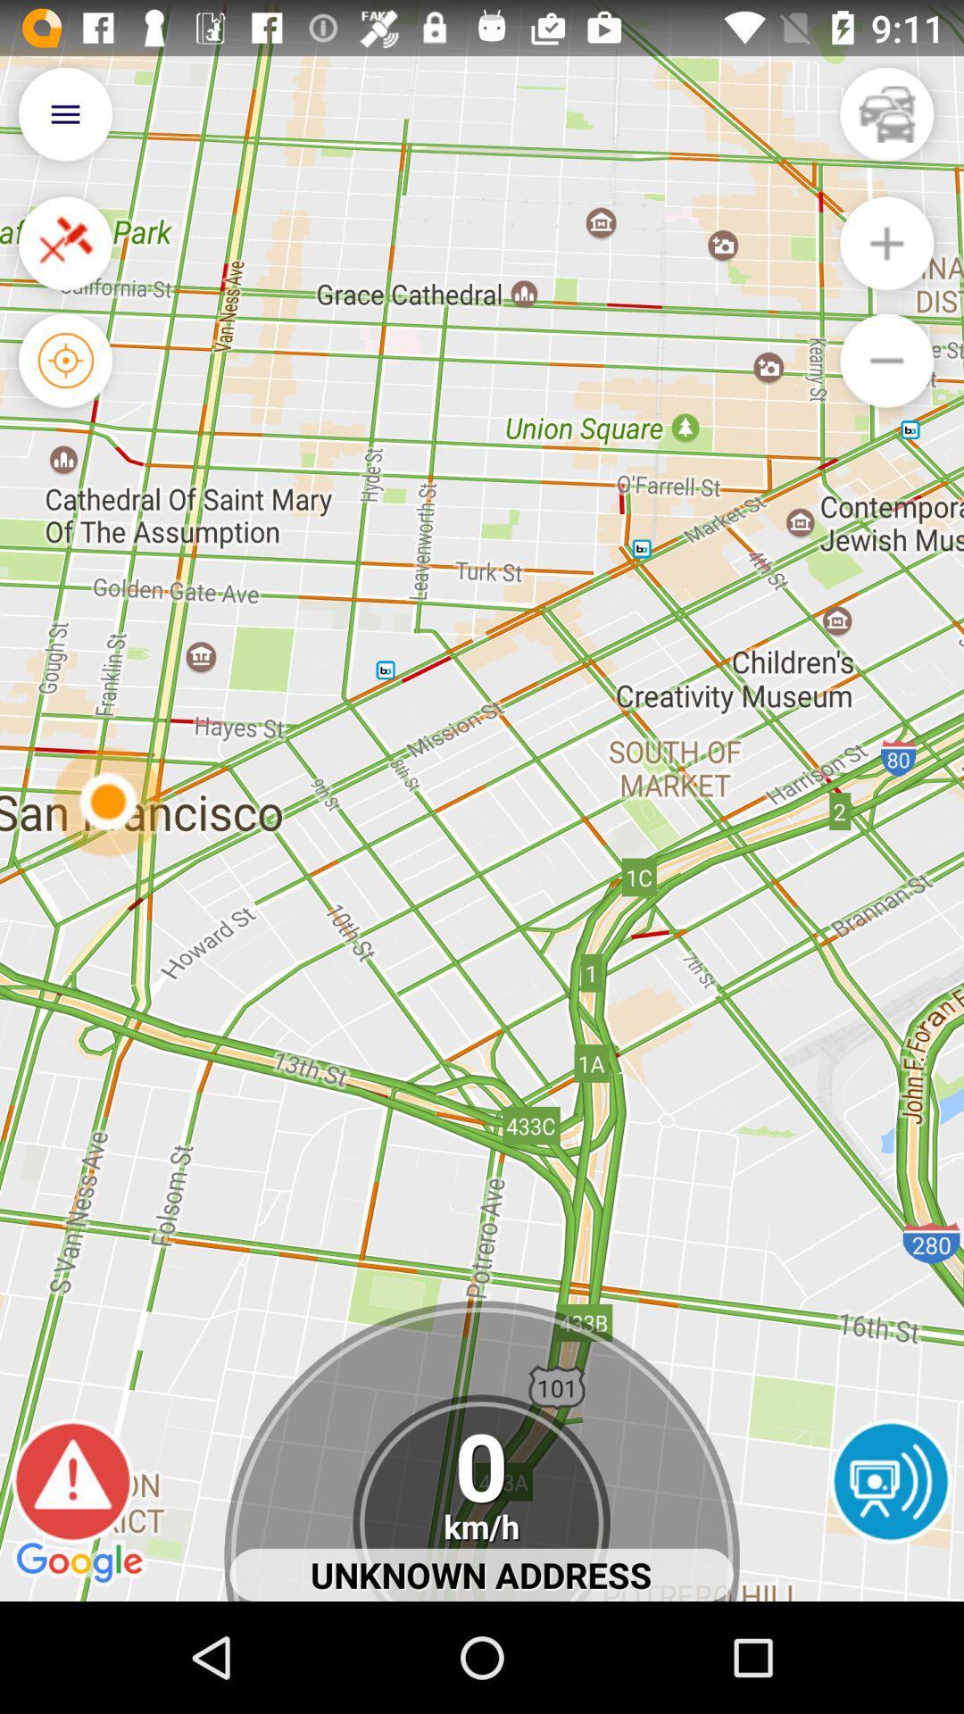 The width and height of the screenshot is (964, 1714). I want to click on the menu icon, so click(64, 121).